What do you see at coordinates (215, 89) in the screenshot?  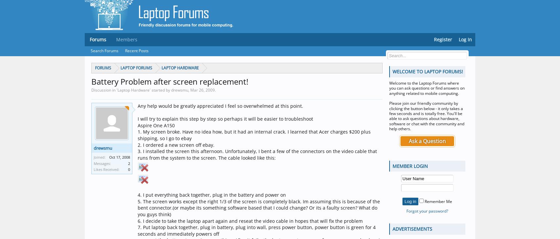 I see `'.'` at bounding box center [215, 89].